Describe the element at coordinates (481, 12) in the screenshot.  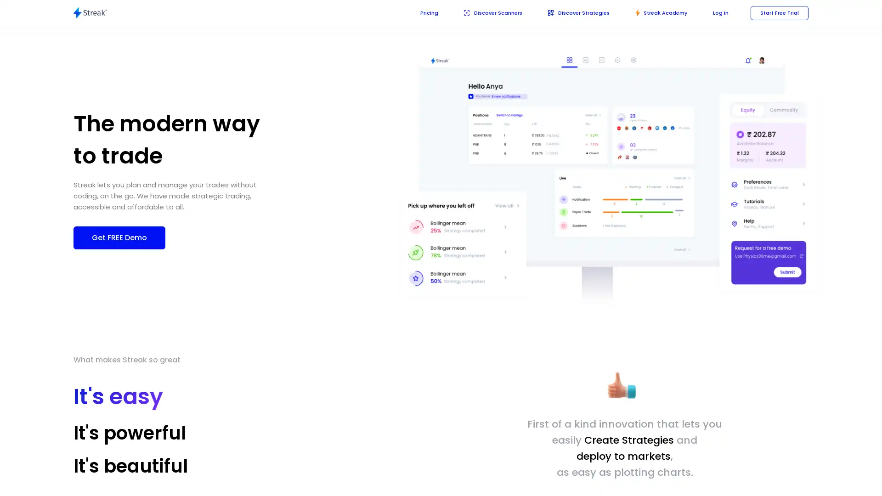
I see `Discover Scanners` at that location.